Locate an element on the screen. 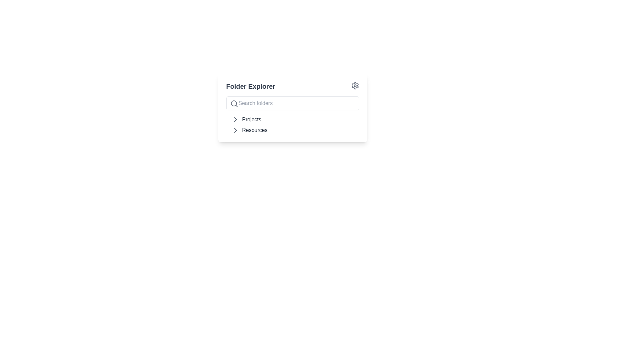  the 'Resources' collapsible menu item in the Folder Explorer is located at coordinates (295, 130).